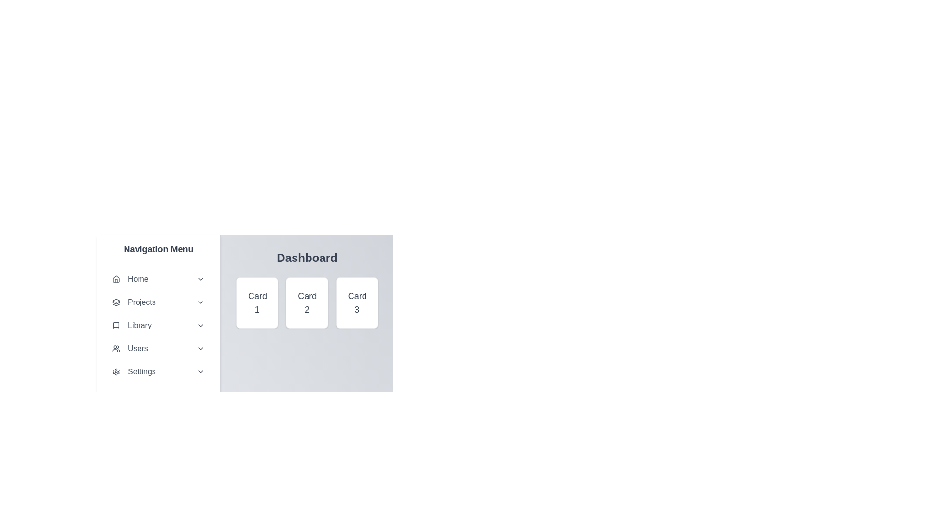 The height and width of the screenshot is (521, 927). What do you see at coordinates (158, 326) in the screenshot?
I see `the third item in the vertical navigation menu, located in the left sidebar panel` at bounding box center [158, 326].